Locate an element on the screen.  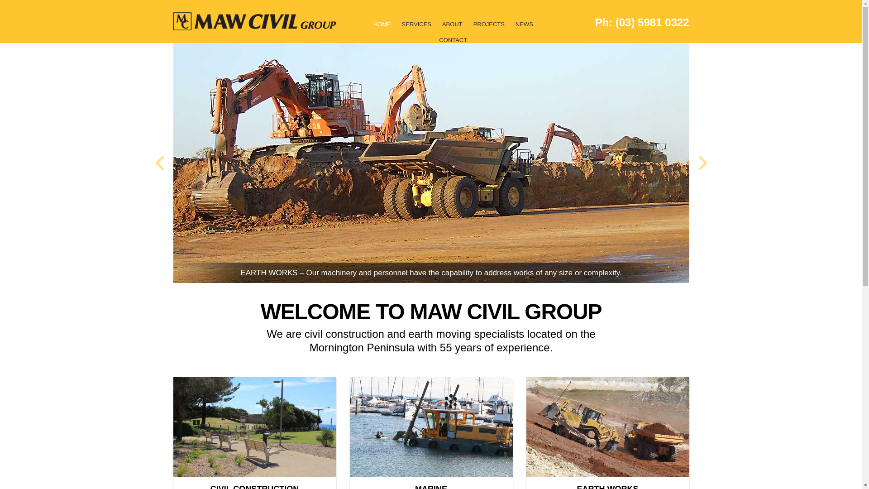
'SERVICES' is located at coordinates (397, 28).